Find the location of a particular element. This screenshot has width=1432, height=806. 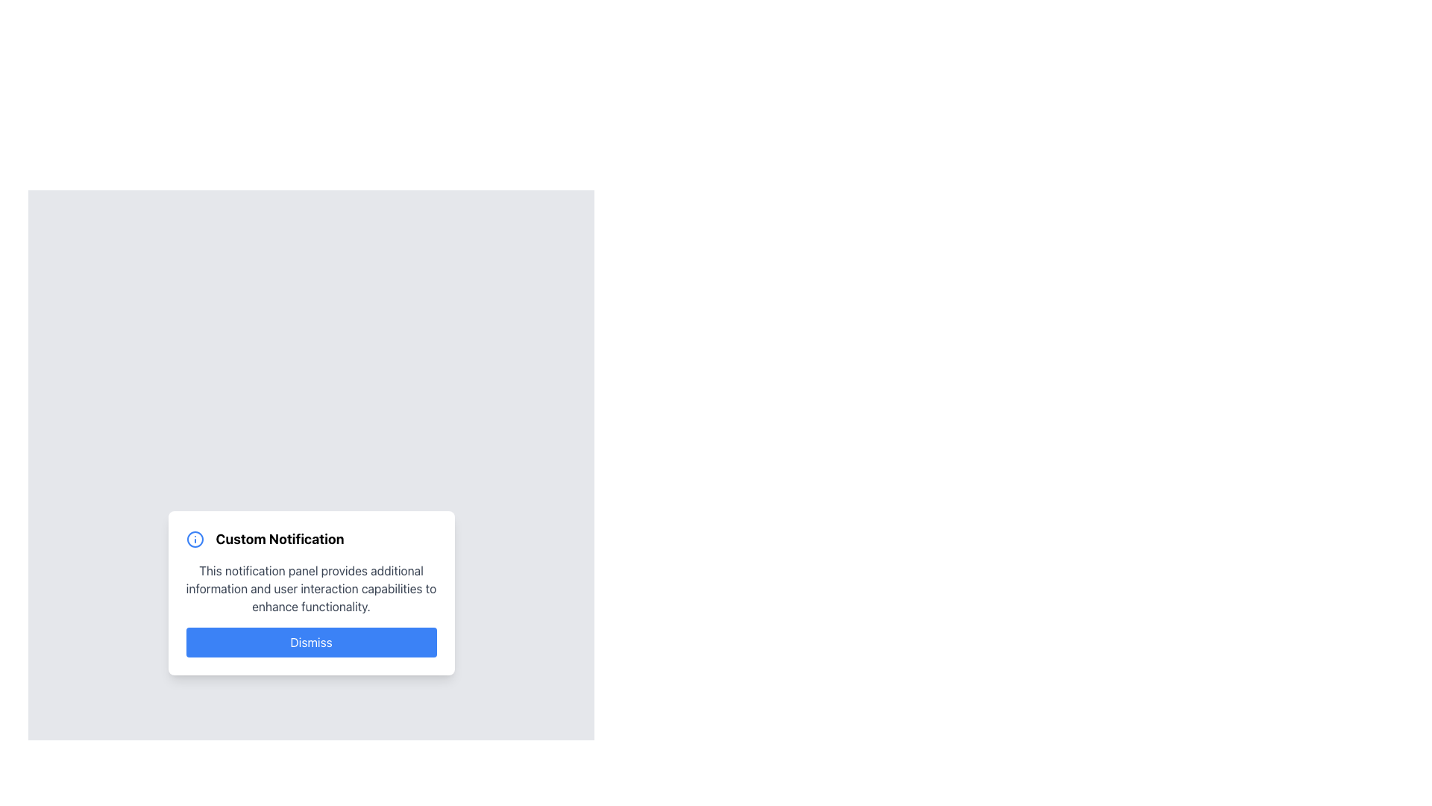

the static text element styled in gray color that provides additional information about the notification's functionality, located below the 'Custom Notification' header and above the 'Dismiss' button is located at coordinates (310, 588).